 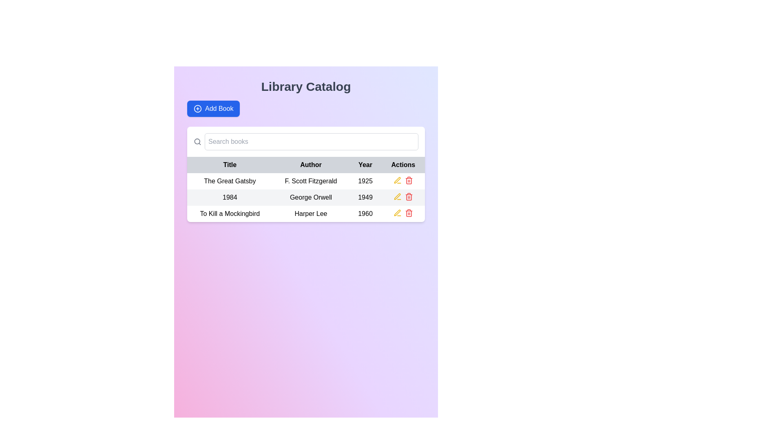 What do you see at coordinates (310, 213) in the screenshot?
I see `the text label displaying the author's name in the second column, second row of the table in the 'Author' column` at bounding box center [310, 213].